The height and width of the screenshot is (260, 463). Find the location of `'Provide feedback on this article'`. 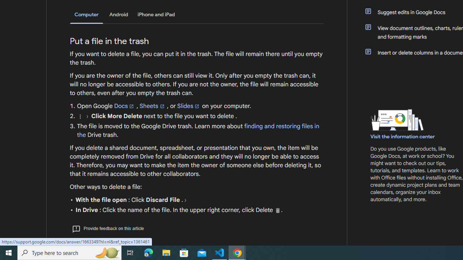

'Provide feedback on this article' is located at coordinates (107, 228).